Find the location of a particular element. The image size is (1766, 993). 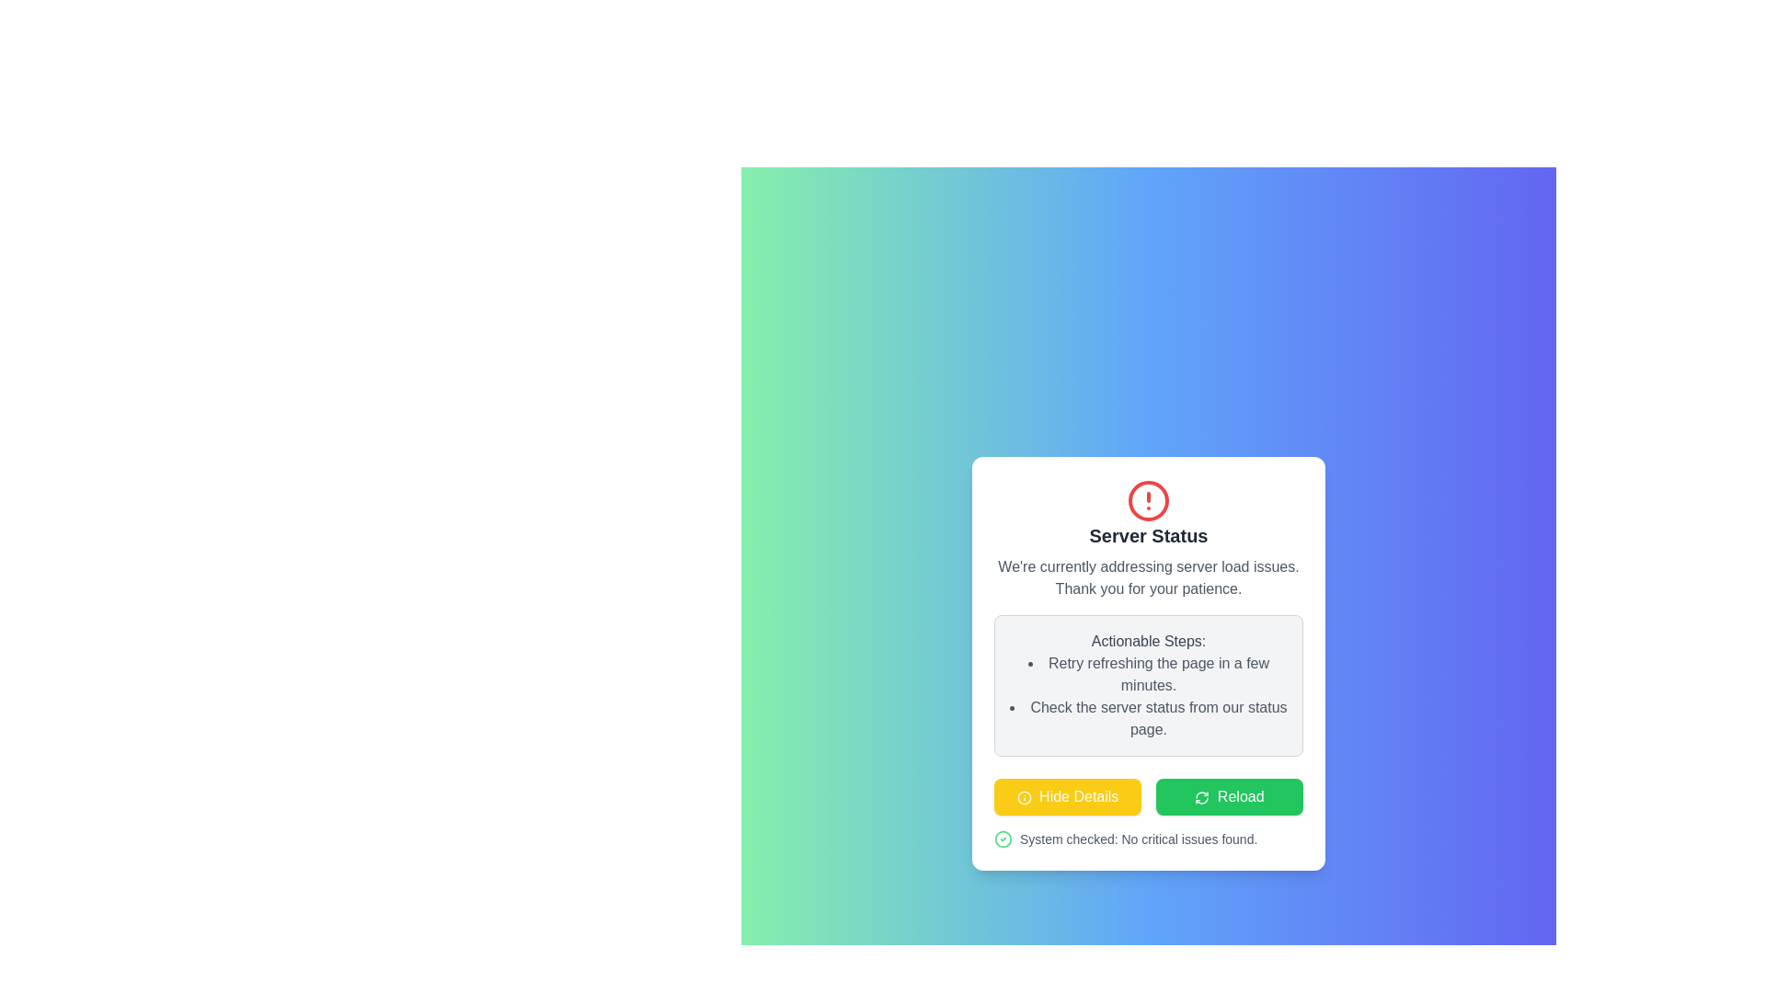

the Text header labeled 'Actionable Steps:' which is displayed in a medium-weight gray font on a light gray background, positioned at the top of a section in a modal window is located at coordinates (1147, 641).